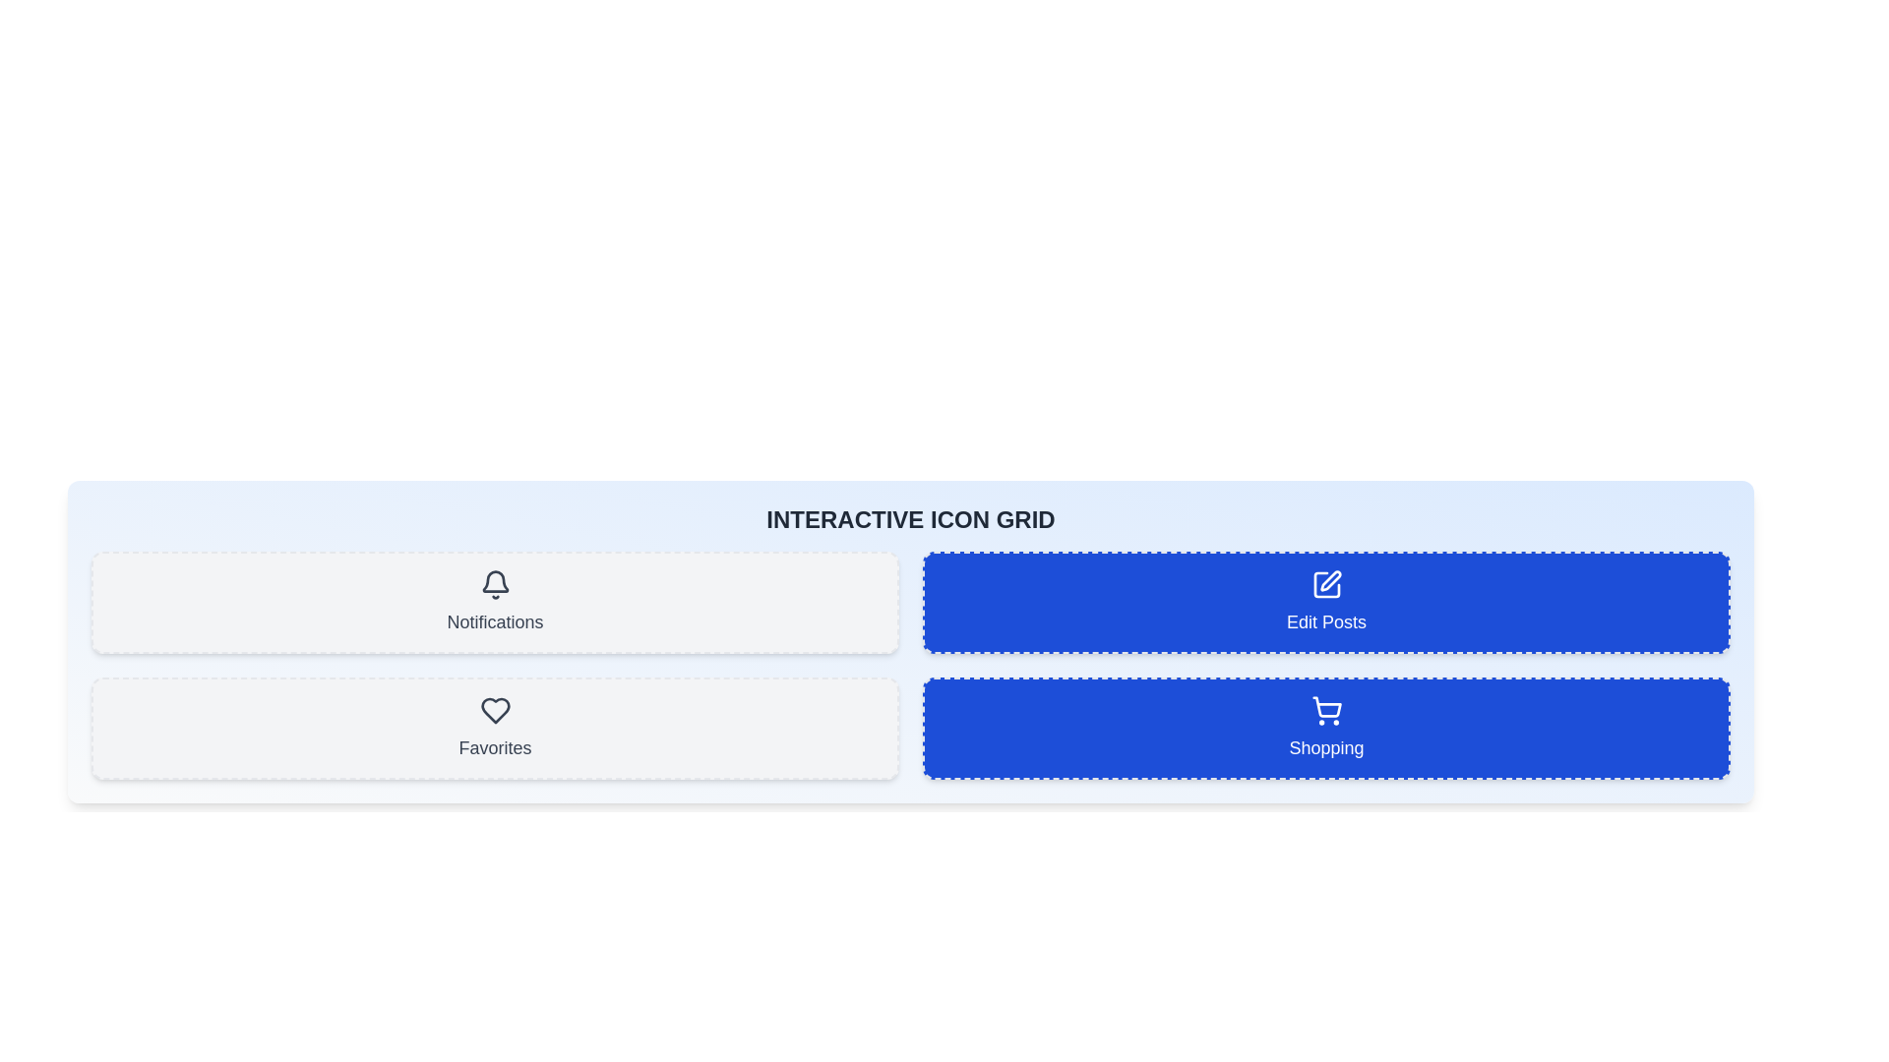 Image resolution: width=1889 pixels, height=1062 pixels. Describe the element at coordinates (1326, 728) in the screenshot. I see `the grid item labeled Shopping to observe the hover effect` at that location.